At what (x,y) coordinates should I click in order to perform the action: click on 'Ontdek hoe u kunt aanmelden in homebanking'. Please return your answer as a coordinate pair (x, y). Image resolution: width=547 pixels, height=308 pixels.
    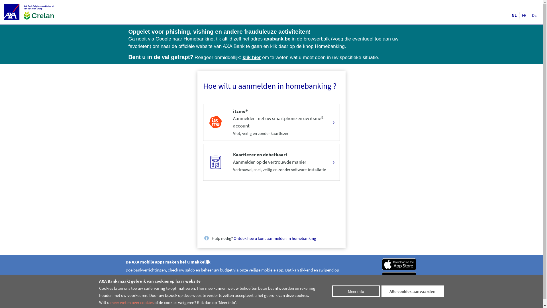
    Looking at the image, I should click on (275, 238).